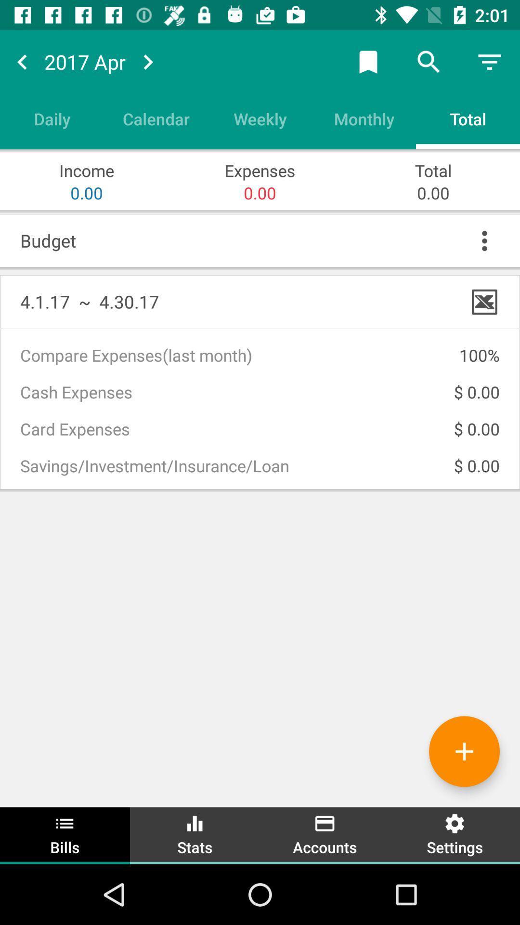 Image resolution: width=520 pixels, height=925 pixels. What do you see at coordinates (429, 61) in the screenshot?
I see `search button to search a specific item or information` at bounding box center [429, 61].